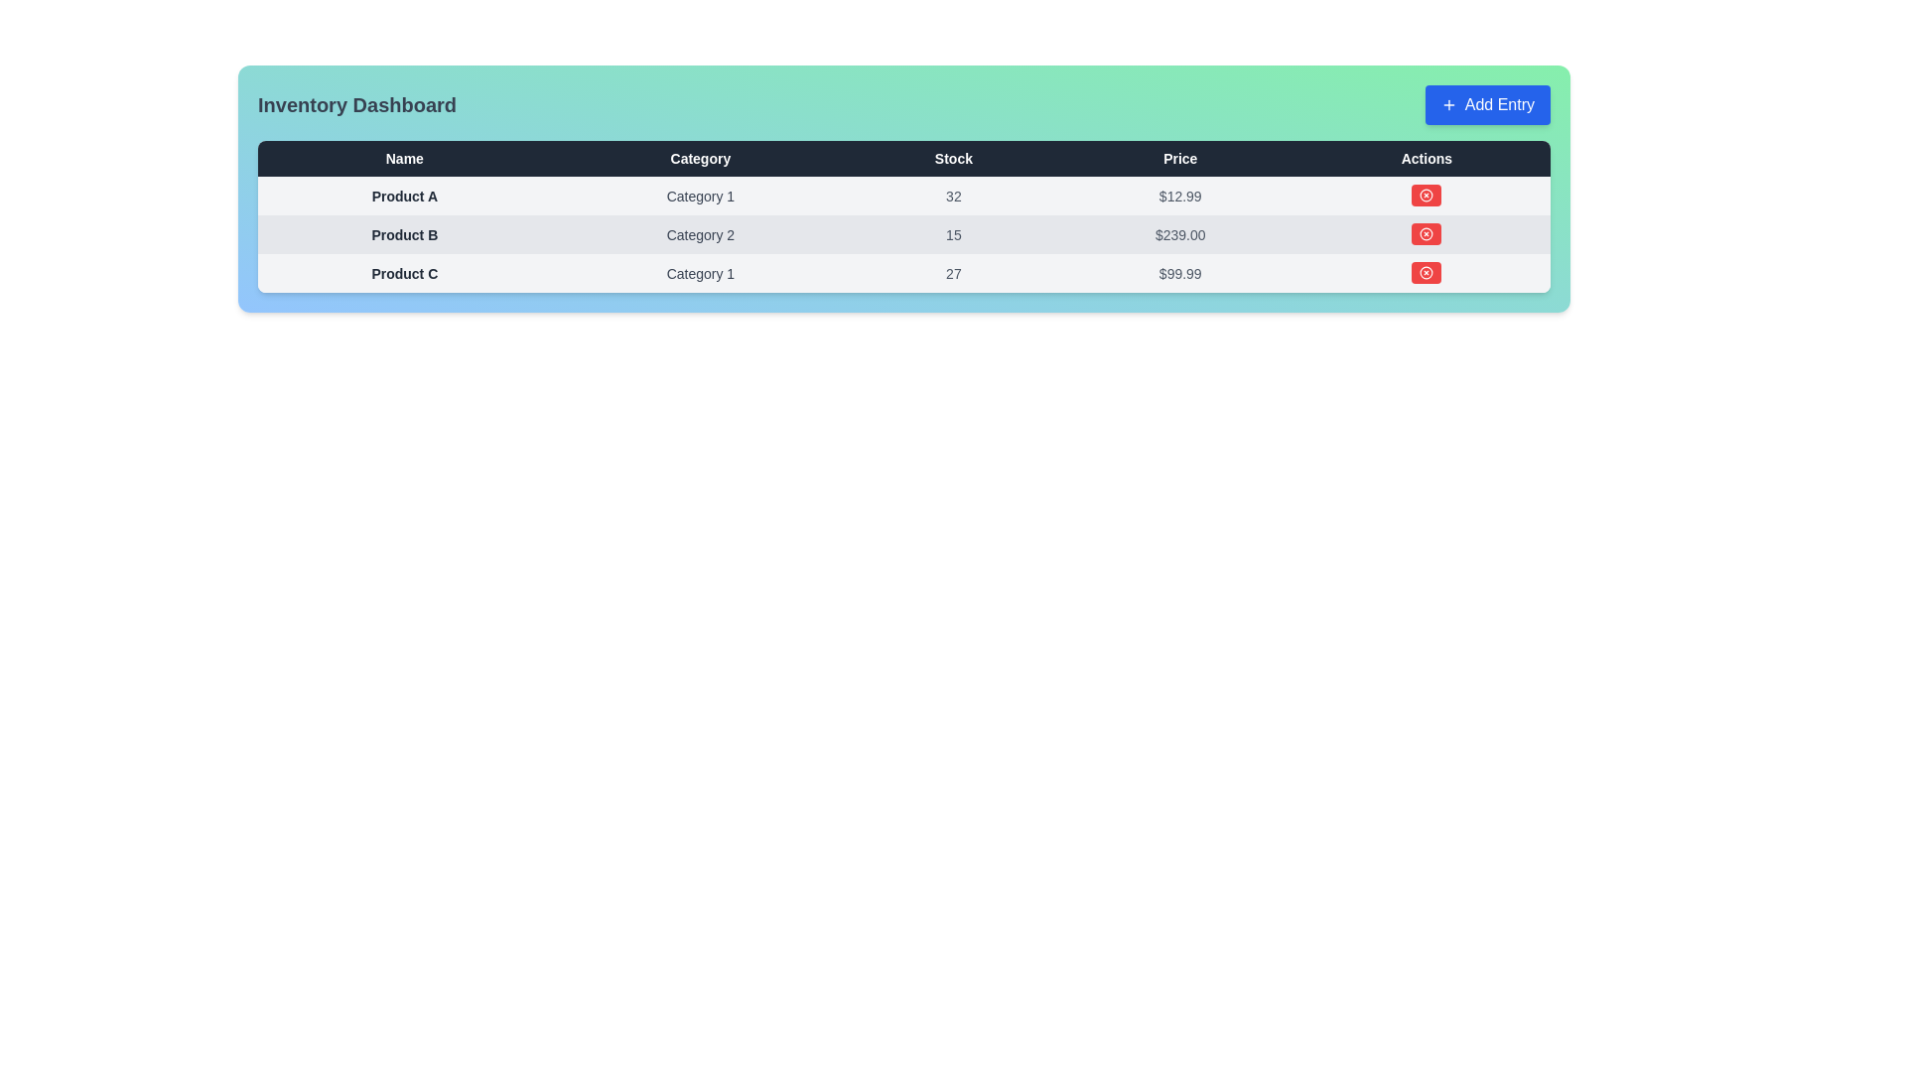 The width and height of the screenshot is (1906, 1072). Describe the element at coordinates (1426, 195) in the screenshot. I see `the delete icon button located in the Actions column of the second row in the data table` at that location.